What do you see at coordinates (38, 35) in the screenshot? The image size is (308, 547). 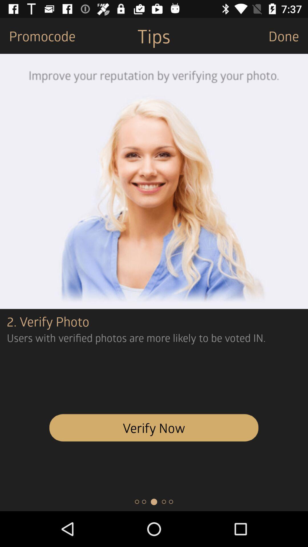 I see `the icon next to the tips icon` at bounding box center [38, 35].